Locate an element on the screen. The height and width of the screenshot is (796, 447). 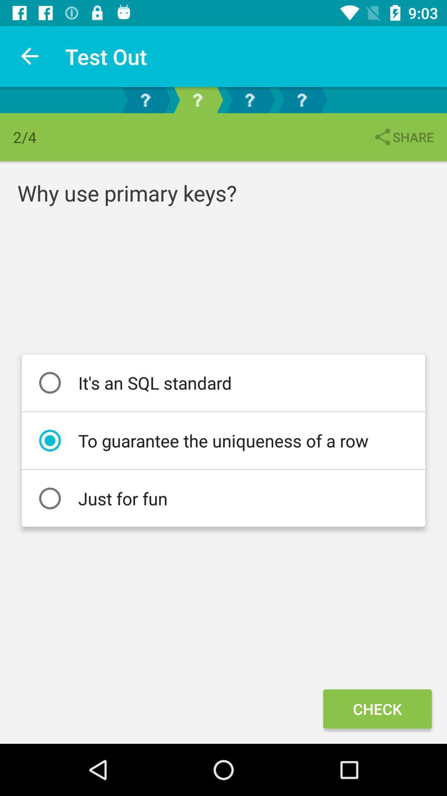
help is located at coordinates (302, 99).